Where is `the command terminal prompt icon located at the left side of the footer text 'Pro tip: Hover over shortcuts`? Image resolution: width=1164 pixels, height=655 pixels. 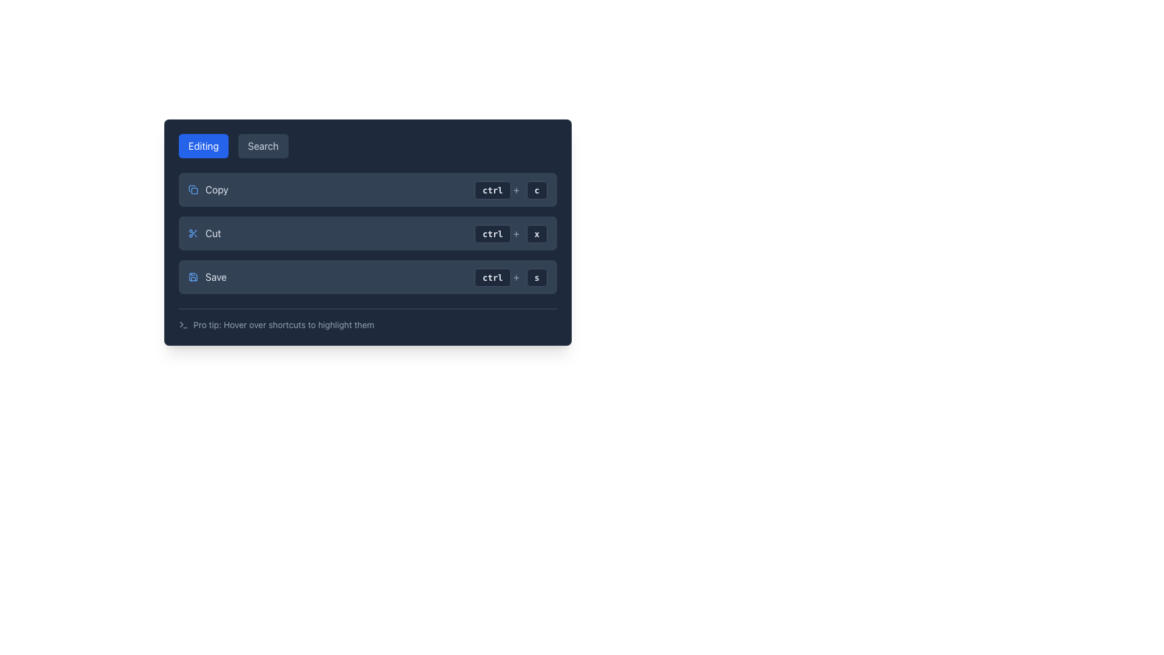 the command terminal prompt icon located at the left side of the footer text 'Pro tip: Hover over shortcuts is located at coordinates (182, 324).